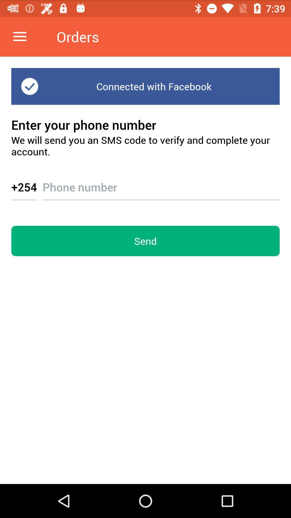 The height and width of the screenshot is (518, 291). Describe the element at coordinates (24, 187) in the screenshot. I see `the item above send` at that location.